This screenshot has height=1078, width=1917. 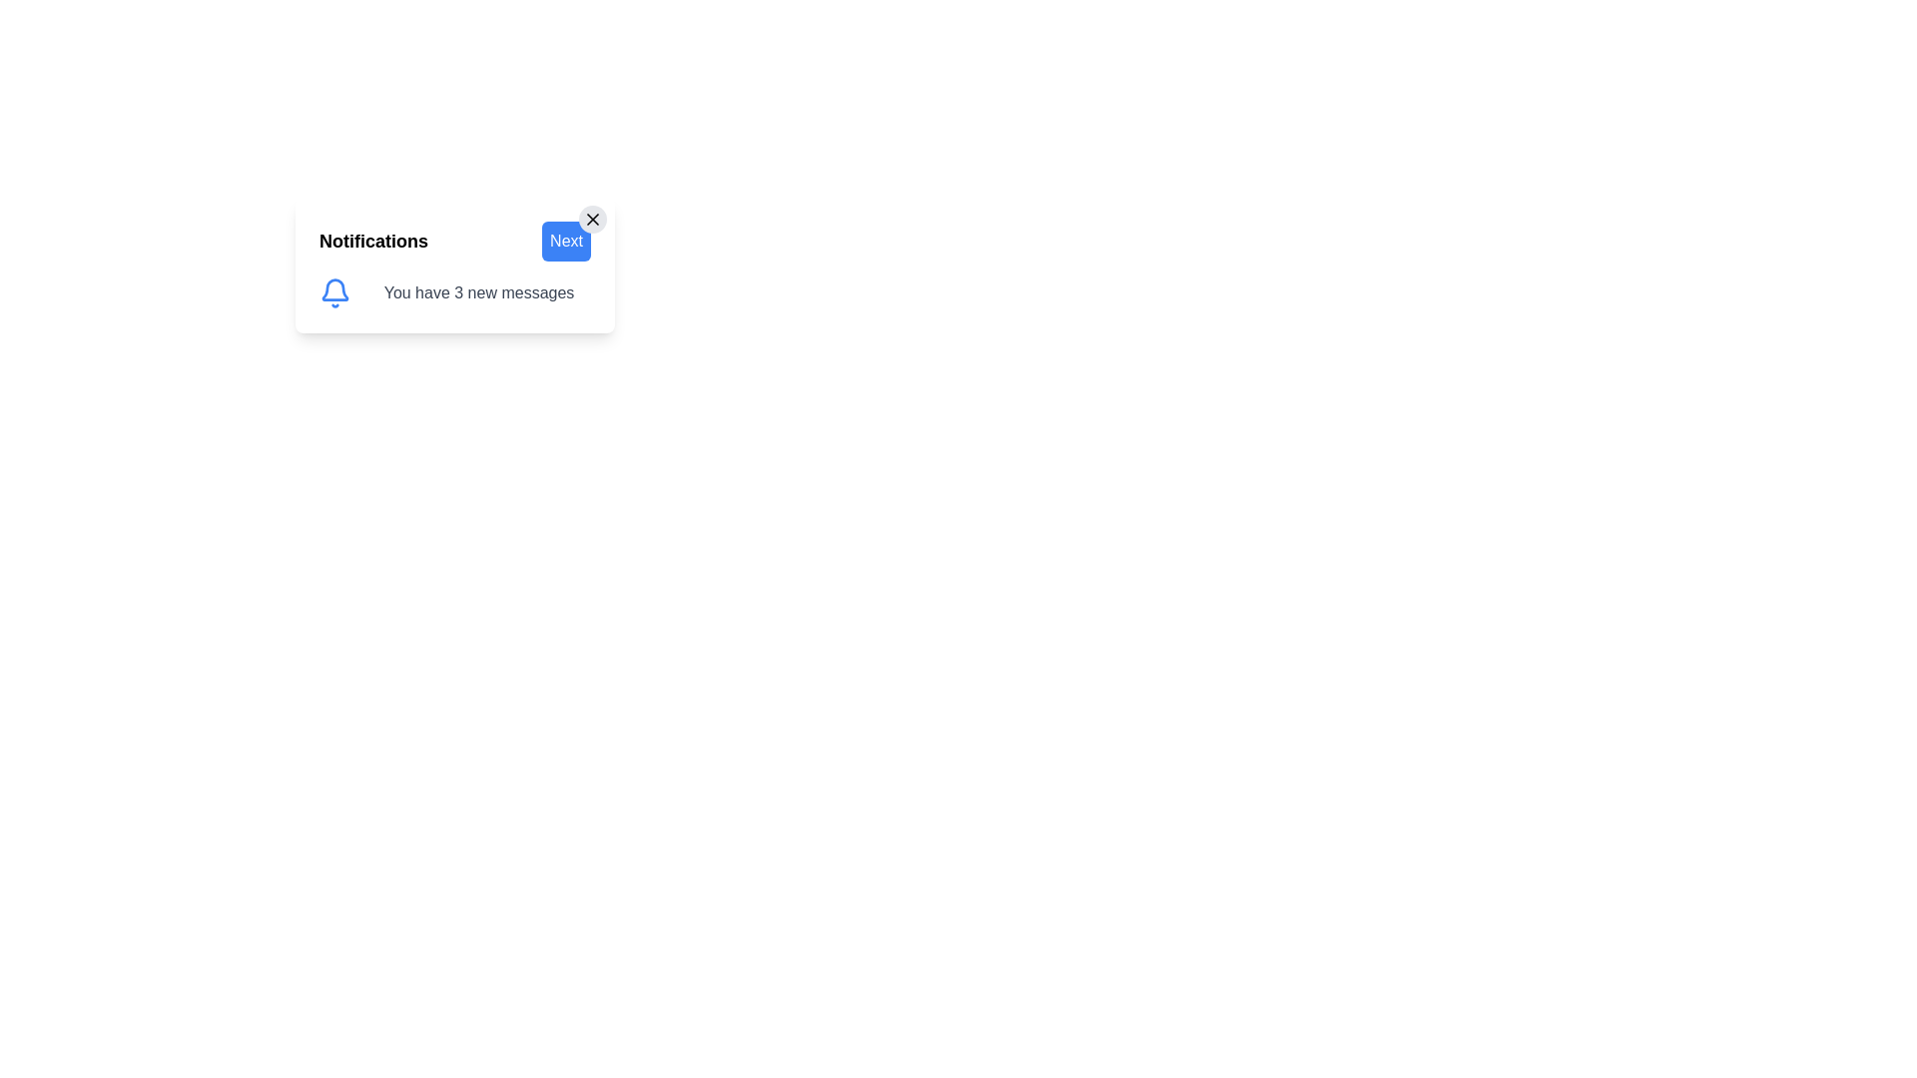 What do you see at coordinates (592, 219) in the screenshot?
I see `the close button located in the top-right corner of the notification card` at bounding box center [592, 219].